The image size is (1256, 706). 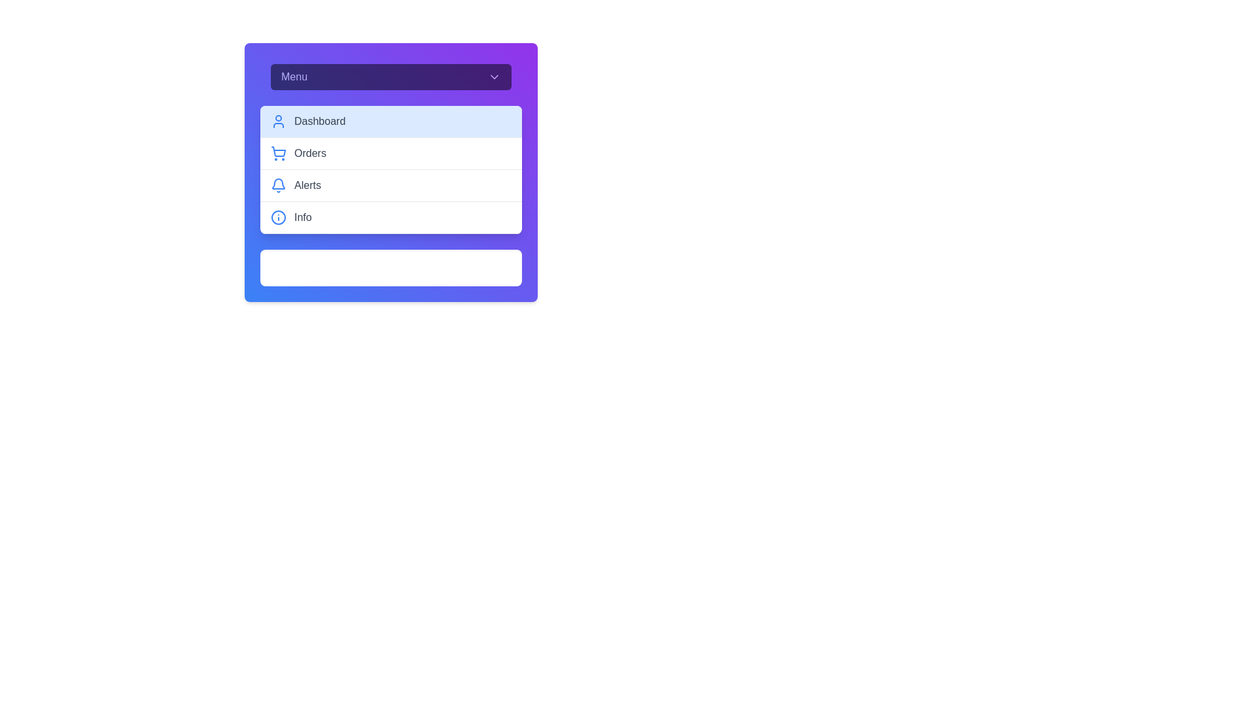 What do you see at coordinates (278, 184) in the screenshot?
I see `the lower part of the bell icon representing the notification or alert indicator associated with the 'Alerts' menu item, which is aligned horizontally with its label in the purple-bordered menu box` at bounding box center [278, 184].